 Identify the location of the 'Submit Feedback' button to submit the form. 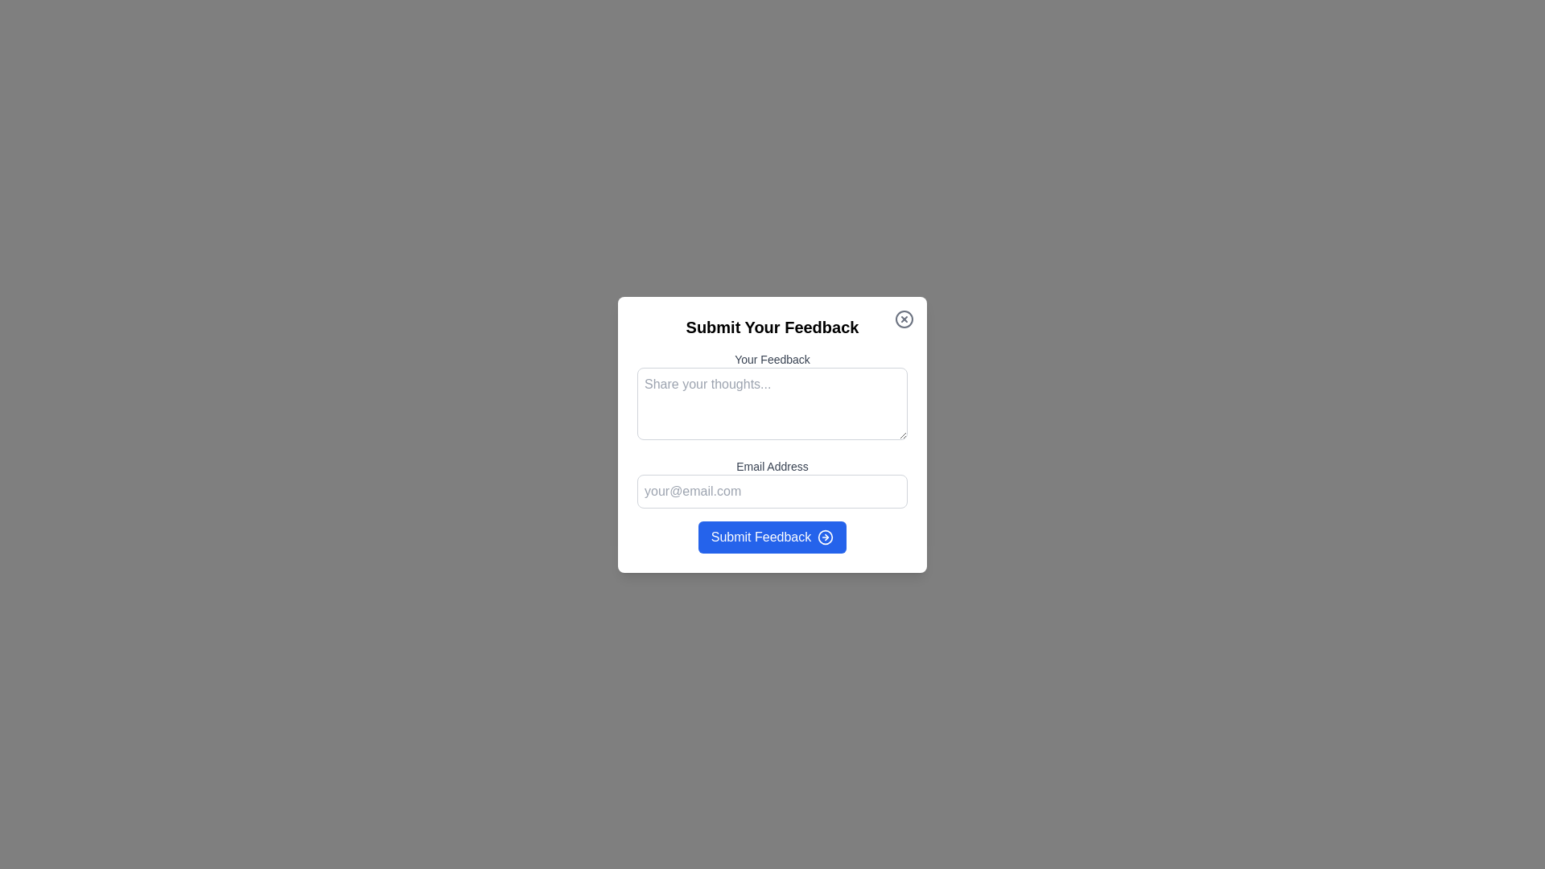
(772, 537).